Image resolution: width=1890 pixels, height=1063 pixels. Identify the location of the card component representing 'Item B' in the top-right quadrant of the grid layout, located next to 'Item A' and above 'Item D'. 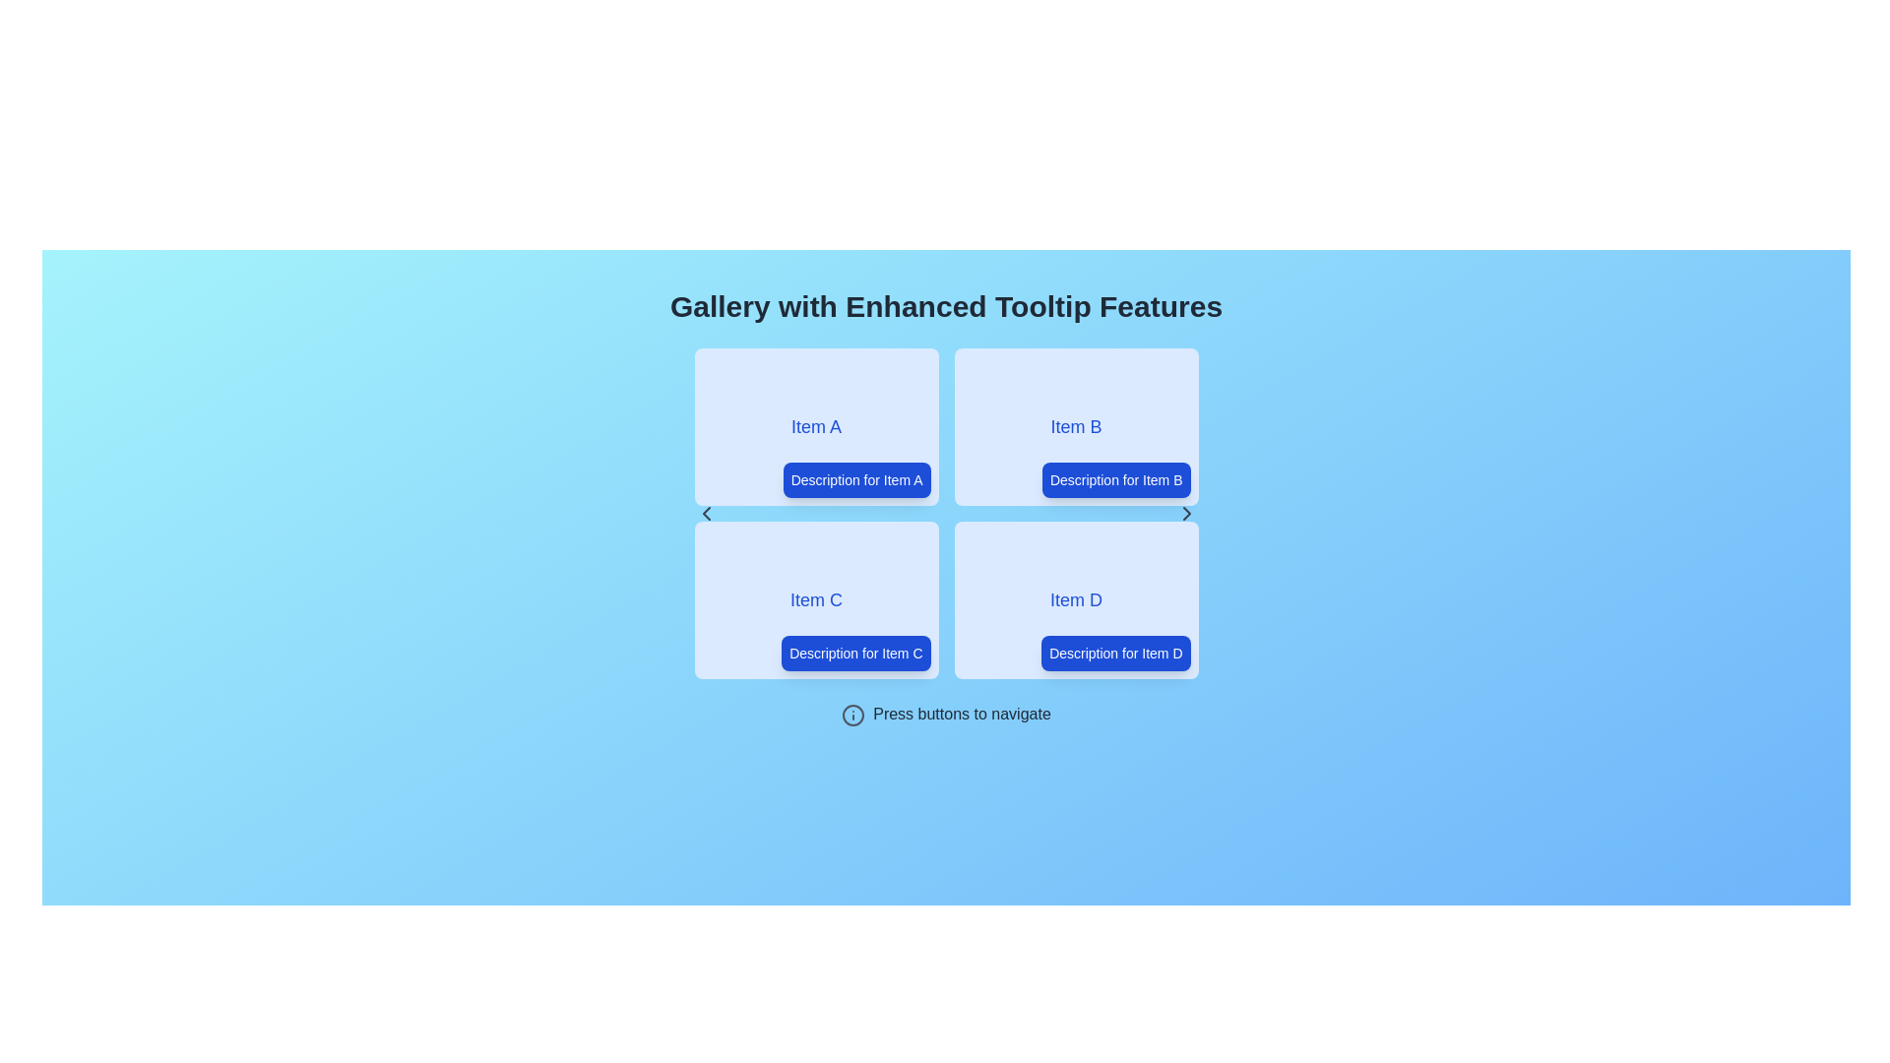
(1075, 426).